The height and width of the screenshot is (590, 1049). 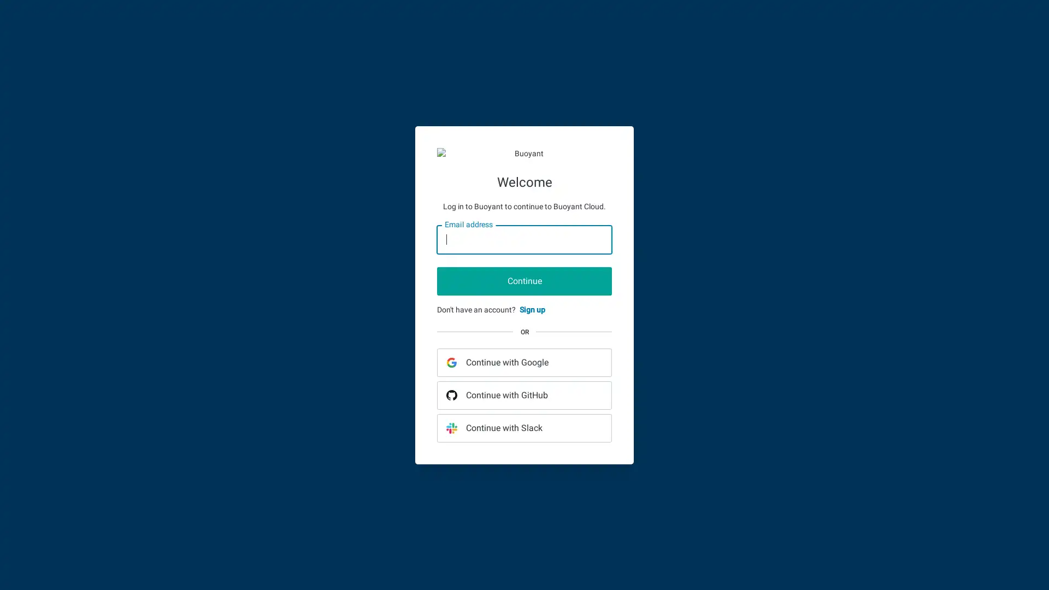 What do you see at coordinates (524, 280) in the screenshot?
I see `Continue` at bounding box center [524, 280].